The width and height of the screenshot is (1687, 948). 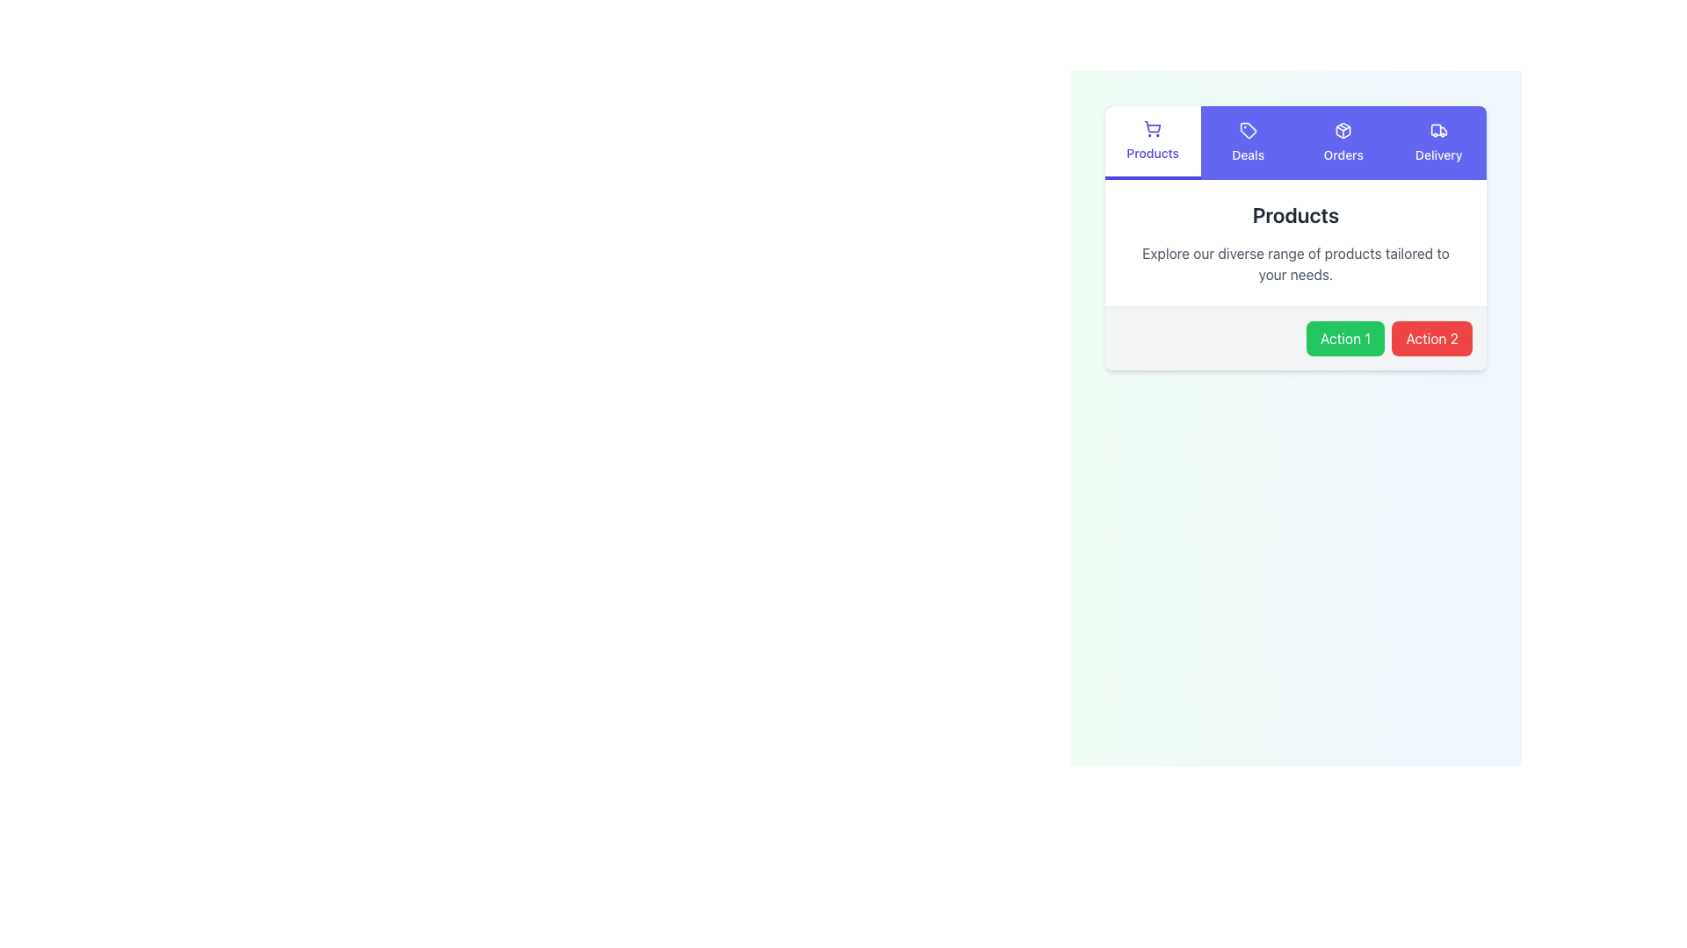 What do you see at coordinates (1432, 338) in the screenshot?
I see `the button with a red background and white text labeled 'Action 2', located at the bottom-right of the 'Products' card` at bounding box center [1432, 338].